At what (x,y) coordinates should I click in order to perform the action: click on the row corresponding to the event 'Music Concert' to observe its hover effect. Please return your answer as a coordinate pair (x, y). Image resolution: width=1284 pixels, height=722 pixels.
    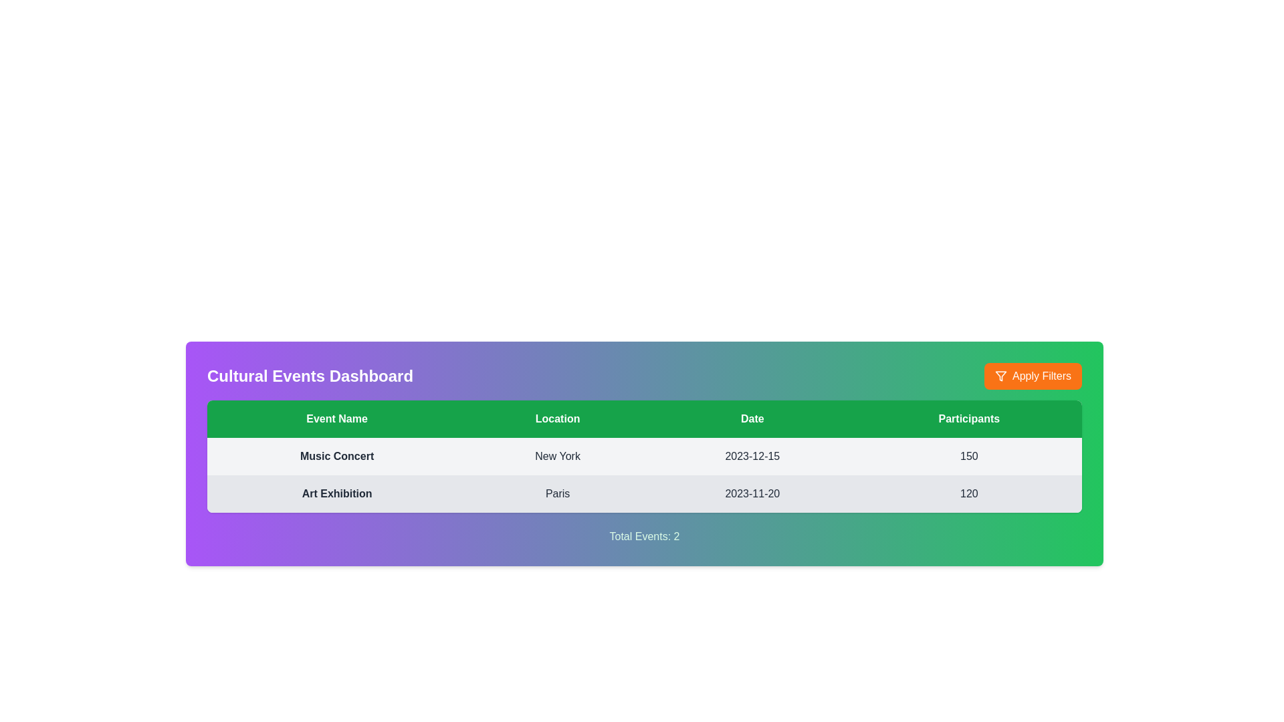
    Looking at the image, I should click on (645, 455).